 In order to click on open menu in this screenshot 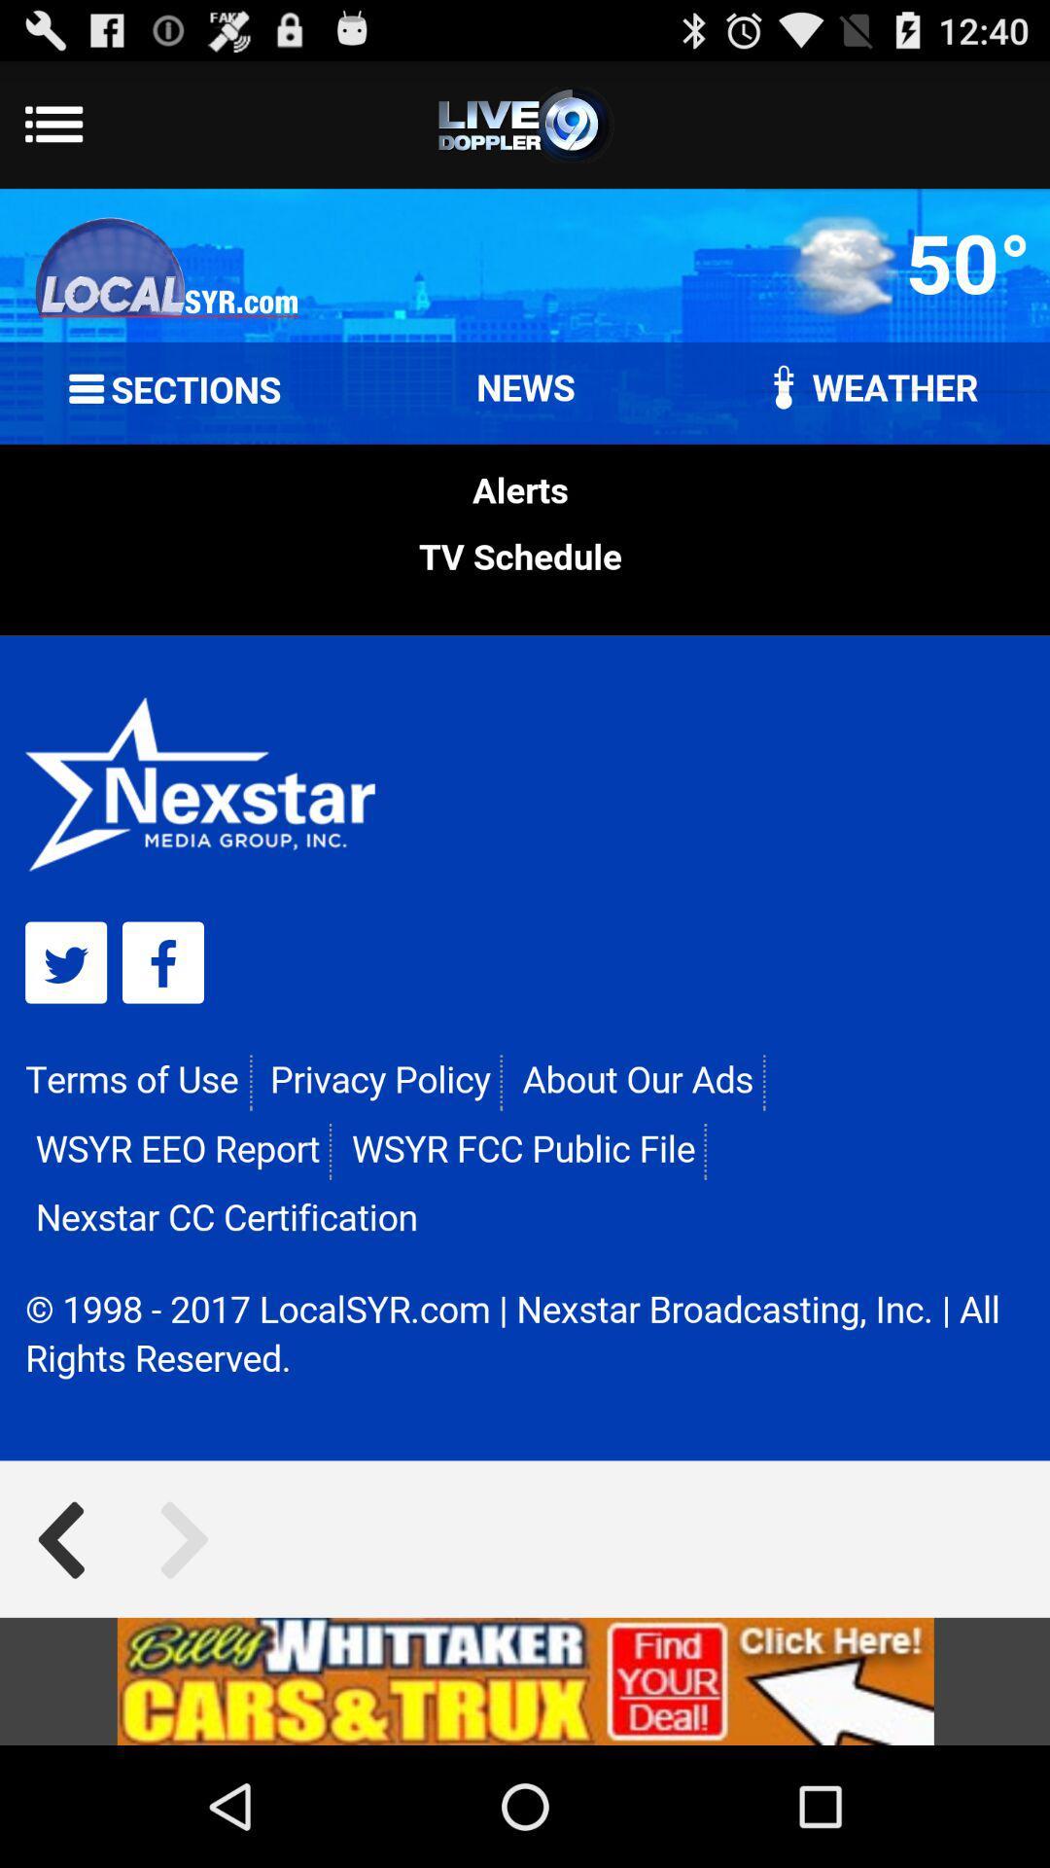, I will do `click(525, 124)`.